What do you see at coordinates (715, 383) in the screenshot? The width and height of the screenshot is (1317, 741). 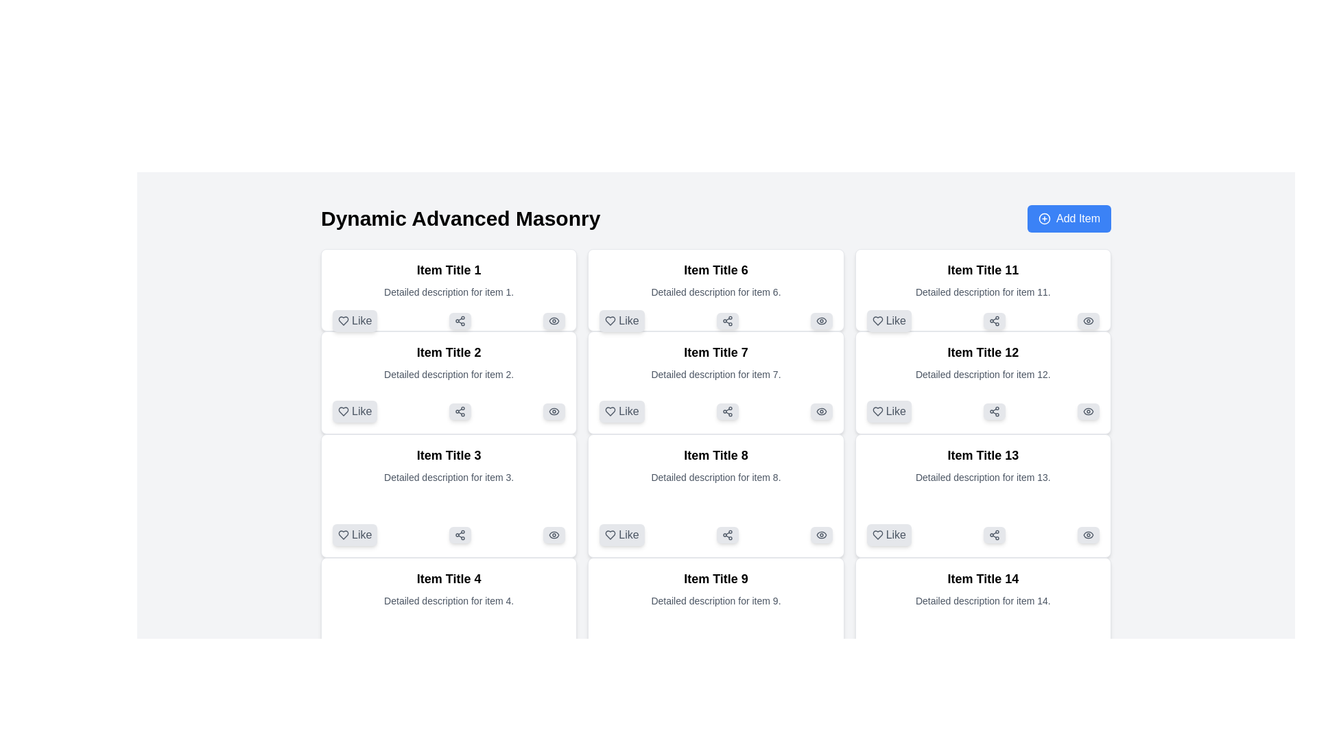 I see `the 'Like' button on the content card showcasing an item or article, located in the second column and second row of the grid layout` at bounding box center [715, 383].